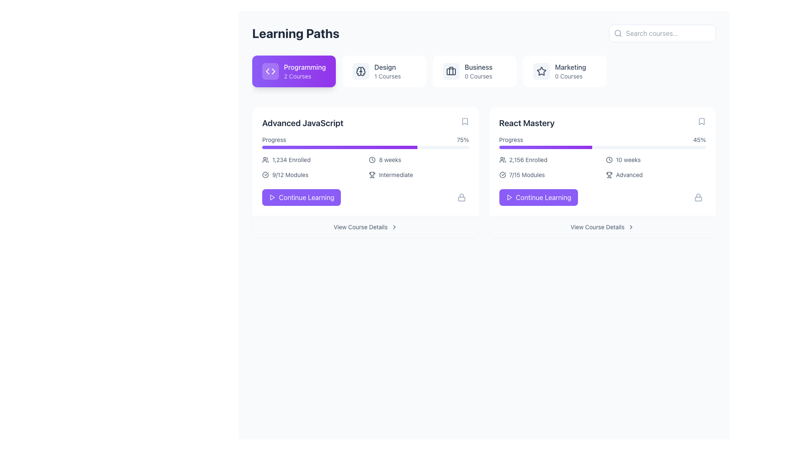 The image size is (803, 451). I want to click on the outer circle of the clock icon representing time, located below the 'Advanced JavaScript' text within the card layout in the '8 weeks' section, so click(372, 160).